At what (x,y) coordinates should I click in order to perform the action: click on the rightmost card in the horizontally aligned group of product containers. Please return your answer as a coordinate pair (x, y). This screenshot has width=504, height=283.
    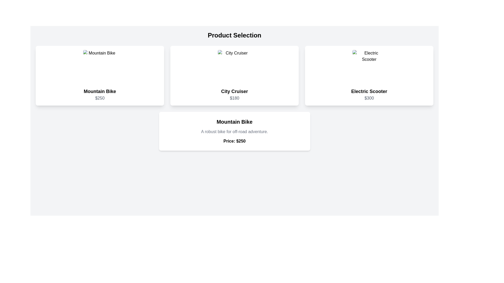
    Looking at the image, I should click on (369, 66).